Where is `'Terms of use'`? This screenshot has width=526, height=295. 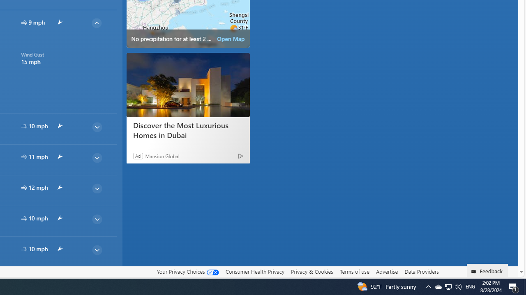
'Terms of use' is located at coordinates (354, 272).